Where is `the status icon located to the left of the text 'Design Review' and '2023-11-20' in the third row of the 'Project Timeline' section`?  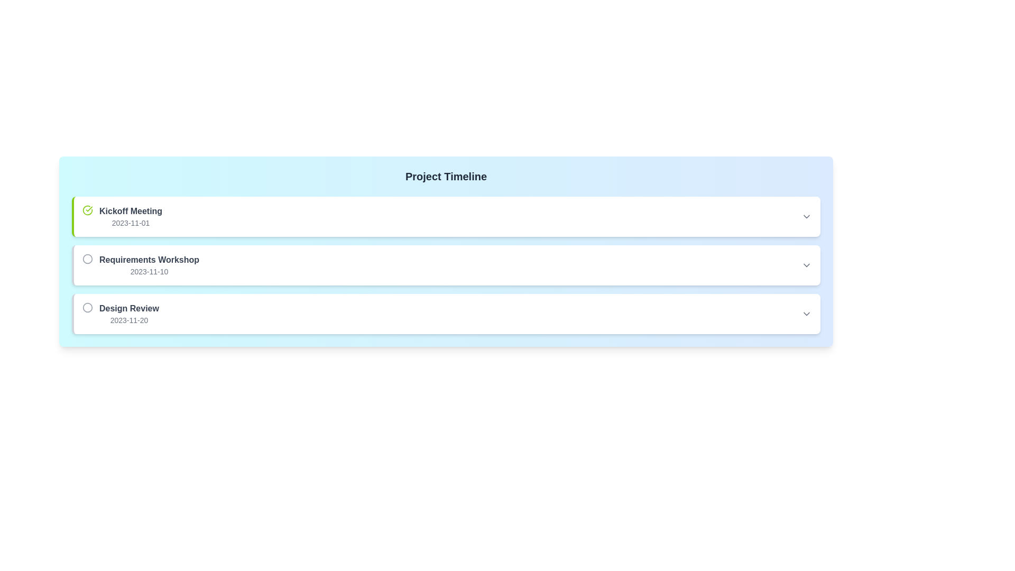
the status icon located to the left of the text 'Design Review' and '2023-11-20' in the third row of the 'Project Timeline' section is located at coordinates (88, 308).